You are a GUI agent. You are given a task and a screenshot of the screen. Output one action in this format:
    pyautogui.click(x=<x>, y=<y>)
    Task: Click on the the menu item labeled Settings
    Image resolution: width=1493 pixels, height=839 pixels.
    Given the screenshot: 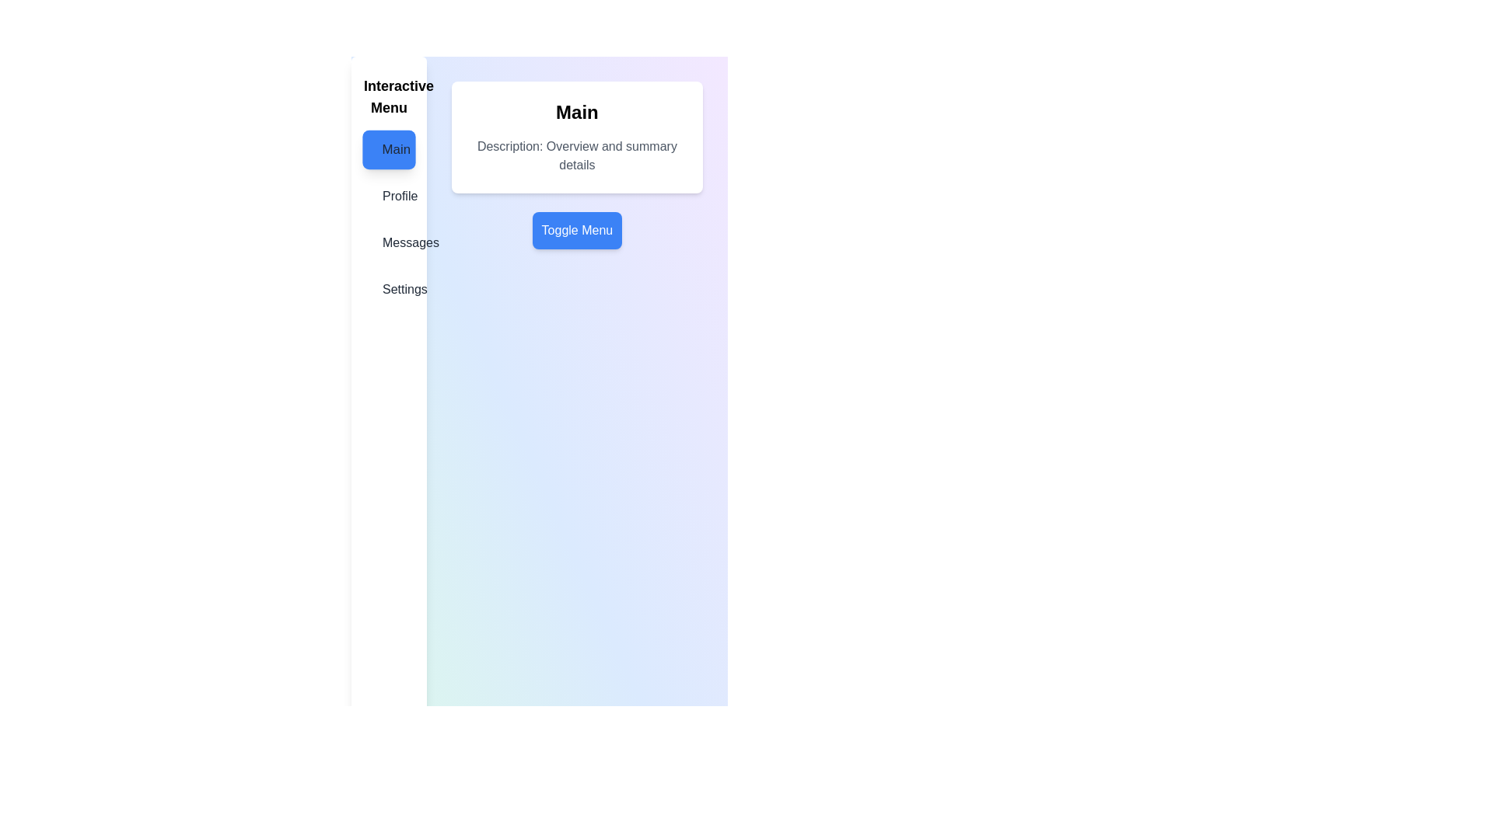 What is the action you would take?
    pyautogui.click(x=388, y=290)
    